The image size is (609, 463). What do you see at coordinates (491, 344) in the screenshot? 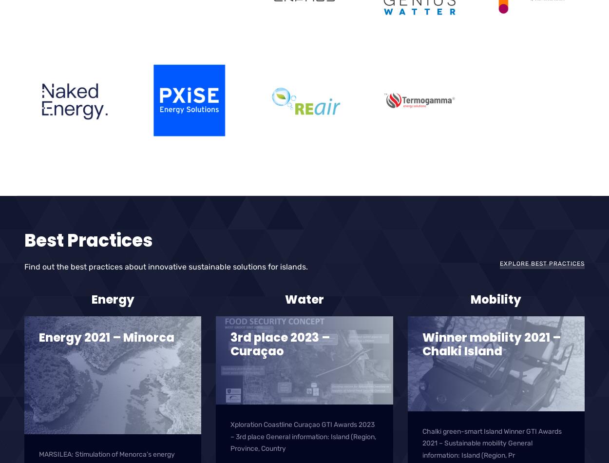
I see `'Winner mobility 2021 – Chalki Island'` at bounding box center [491, 344].